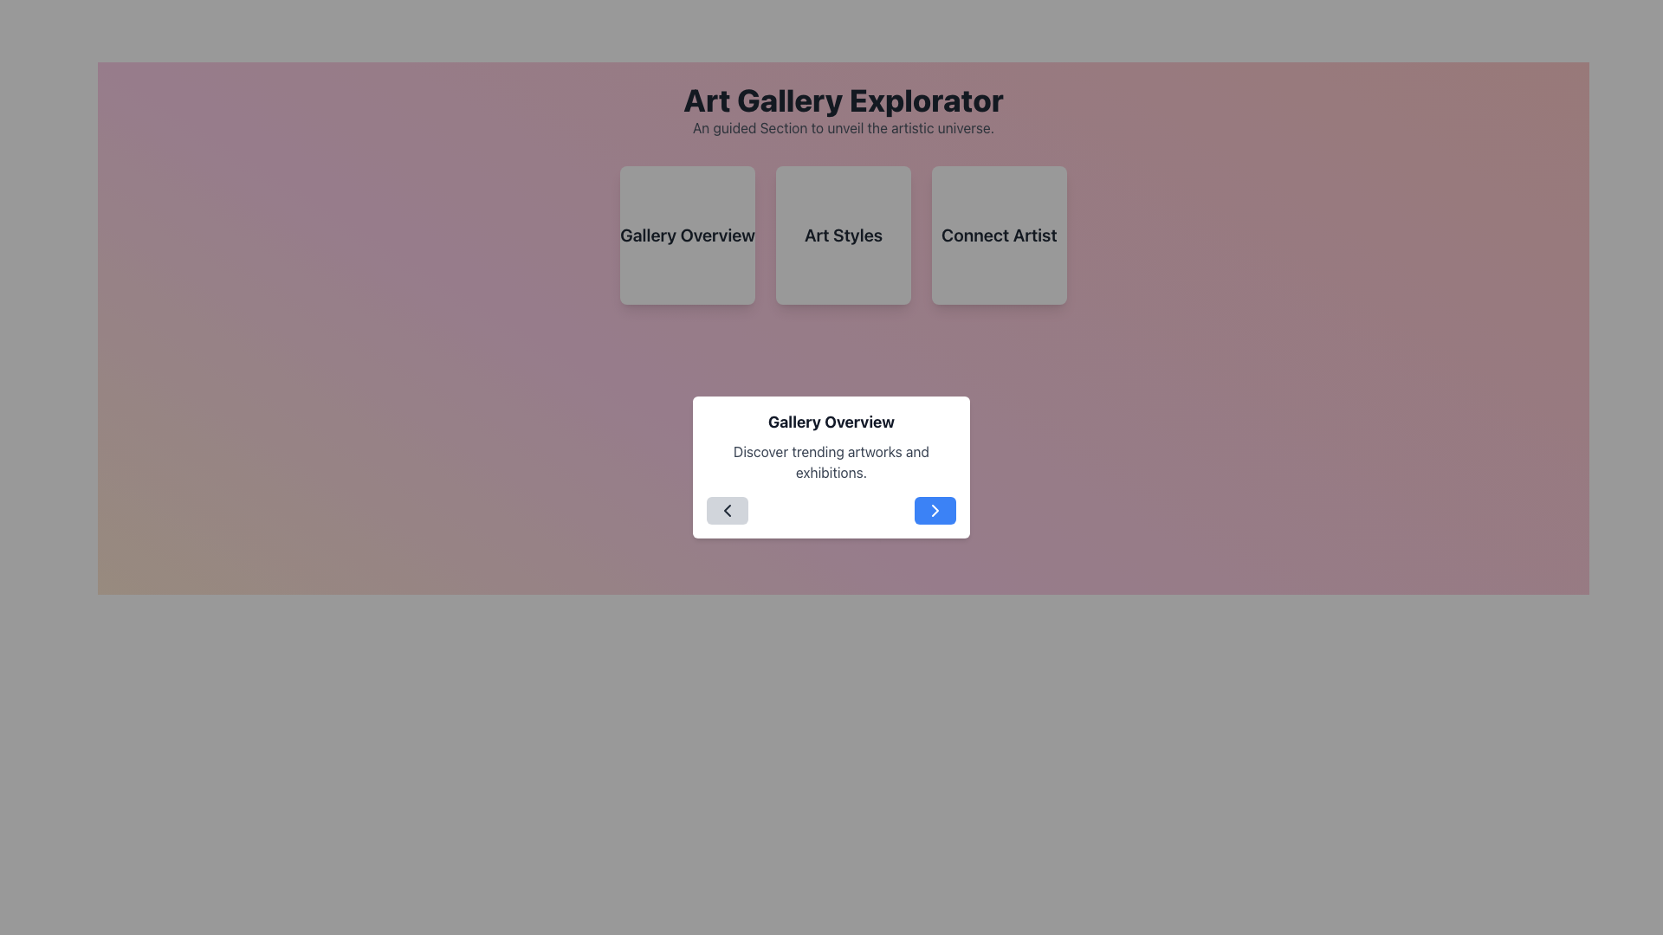  I want to click on the right-facing chevron arrow icon within the button, which is styled with thick lines and enclosed in a blue circular background, so click(935, 510).